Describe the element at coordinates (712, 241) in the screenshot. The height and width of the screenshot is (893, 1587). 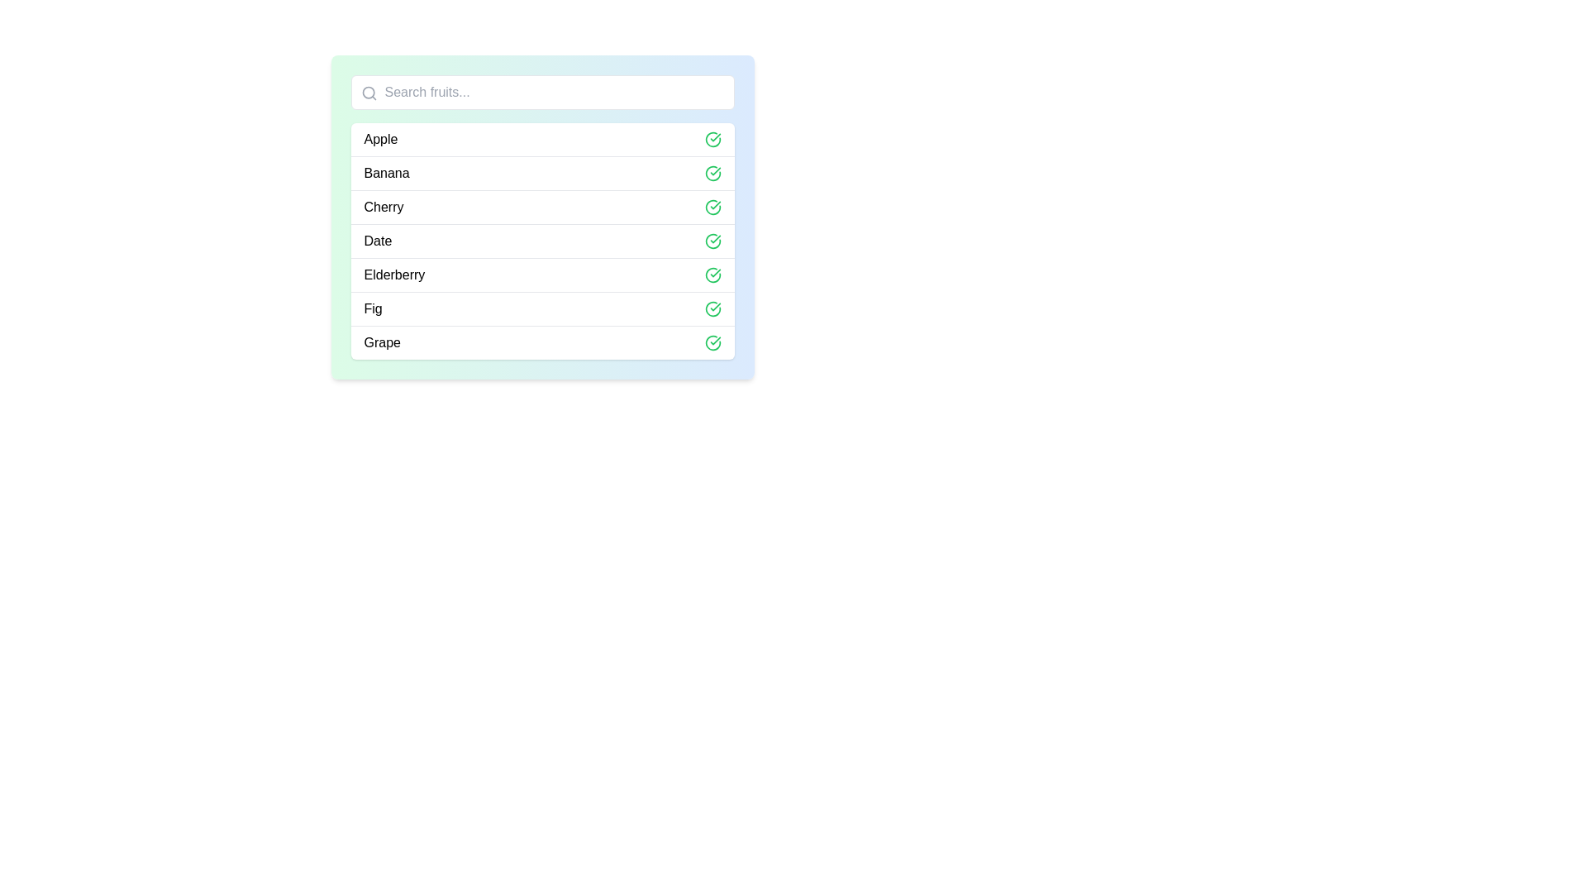
I see `the circular check mark icon located next to the 'Date' list item` at that location.